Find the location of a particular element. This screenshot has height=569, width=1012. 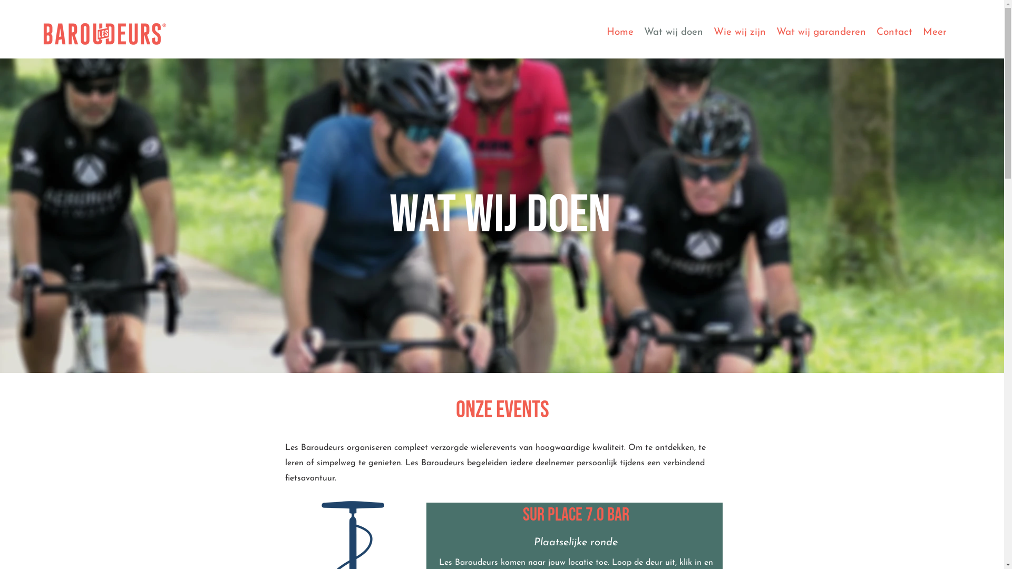

'Wie wij zijn' is located at coordinates (739, 33).